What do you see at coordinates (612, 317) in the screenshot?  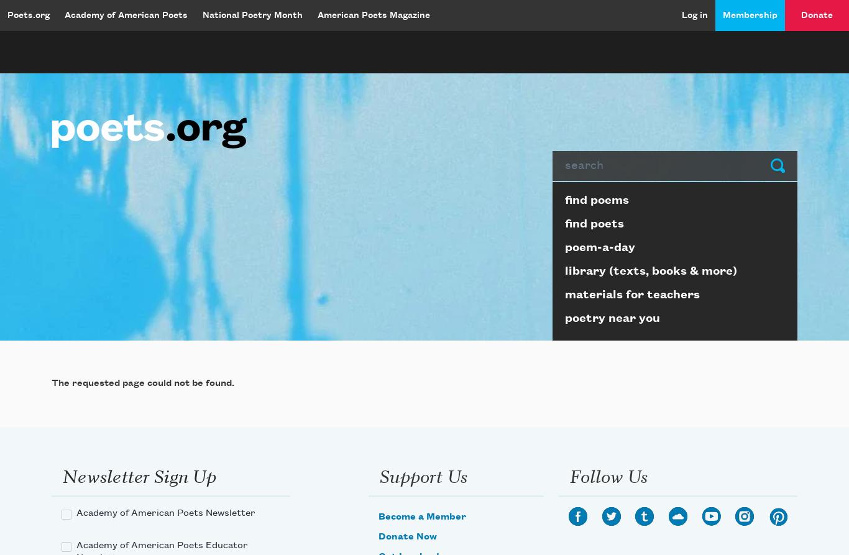 I see `'poetry near you'` at bounding box center [612, 317].